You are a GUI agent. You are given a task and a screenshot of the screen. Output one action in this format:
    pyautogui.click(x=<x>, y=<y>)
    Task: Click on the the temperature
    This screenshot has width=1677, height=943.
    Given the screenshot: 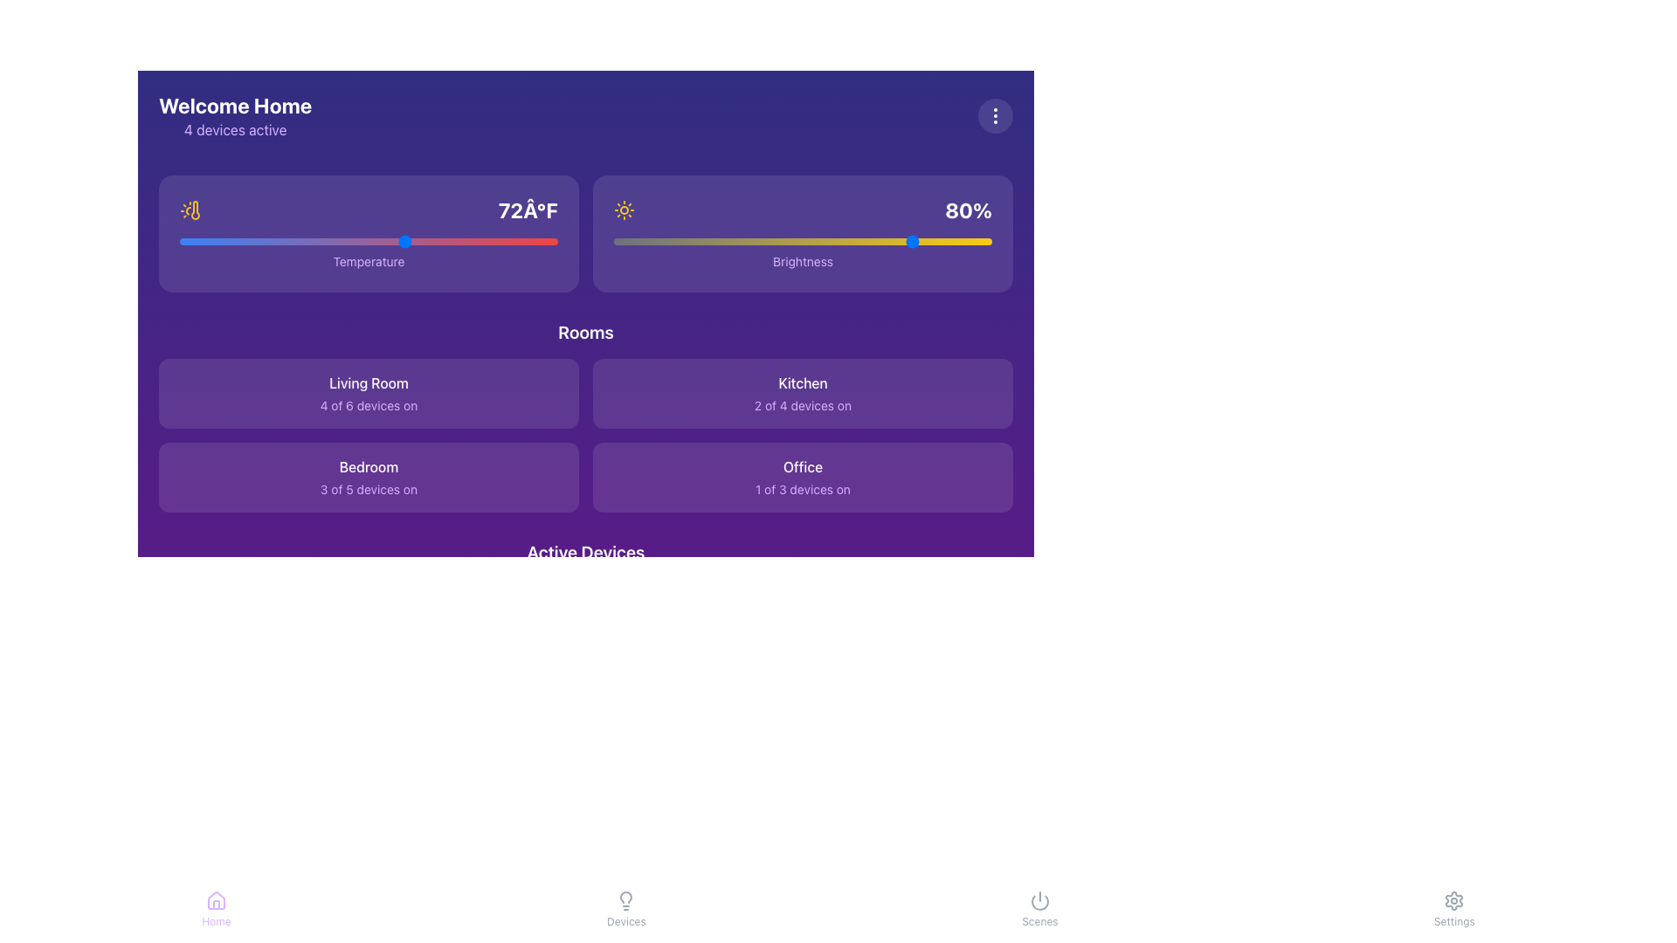 What is the action you would take?
    pyautogui.click(x=500, y=242)
    